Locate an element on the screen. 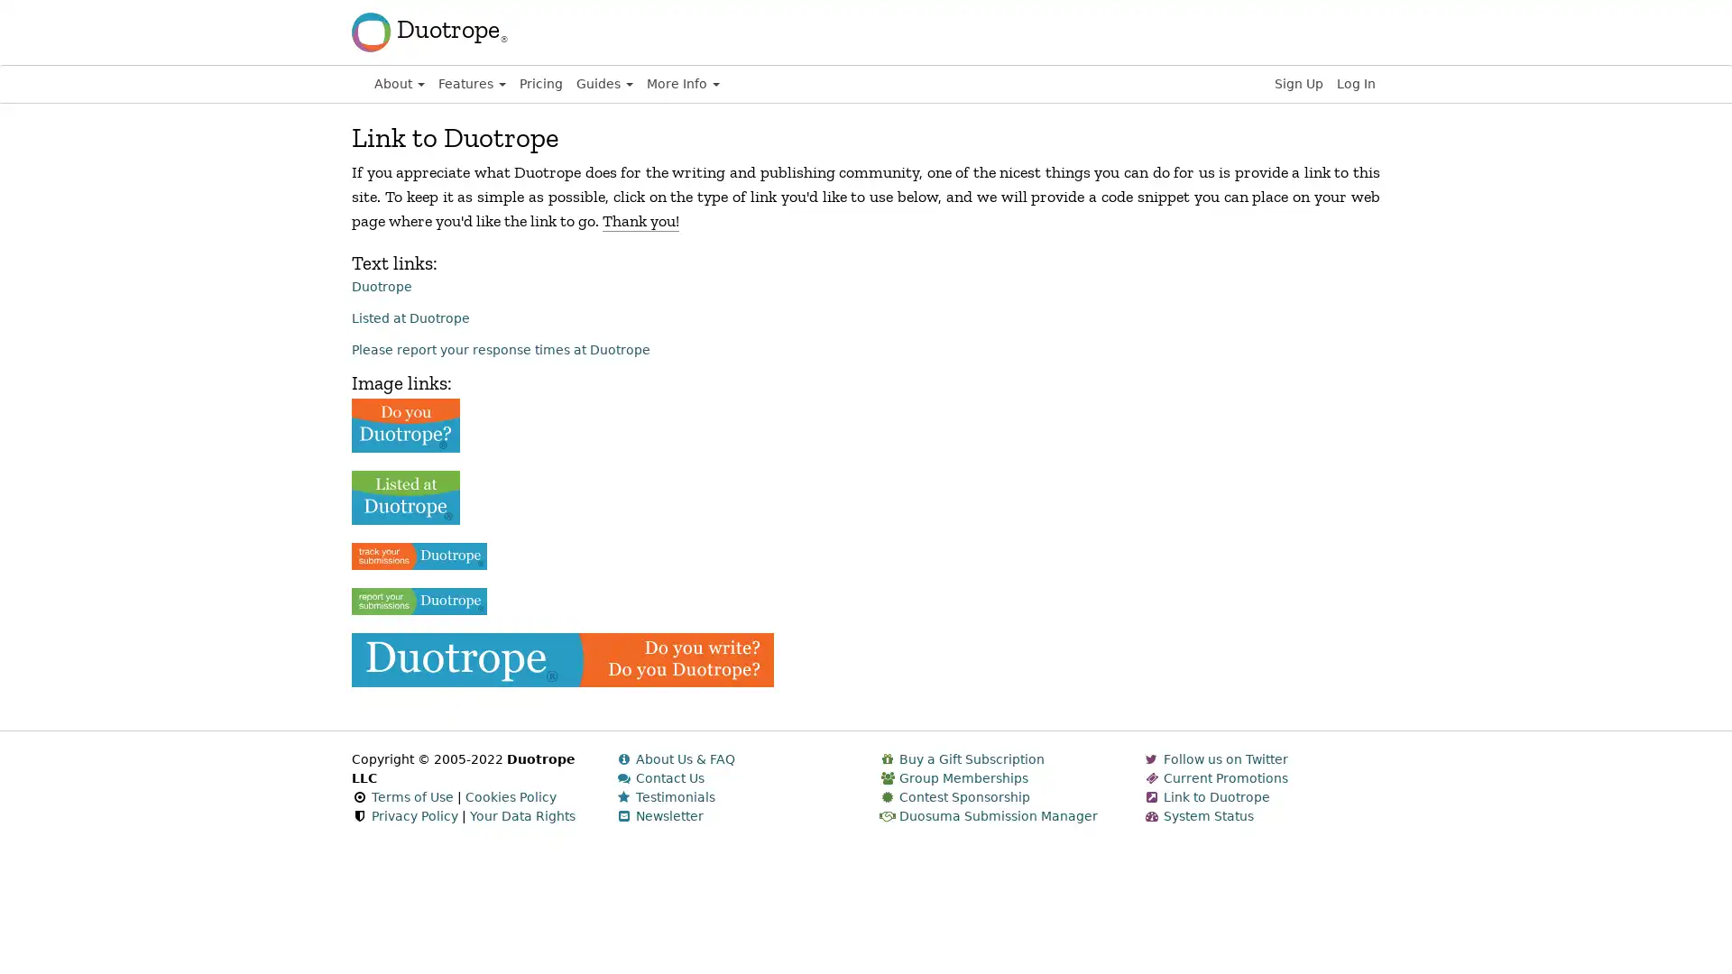 This screenshot has width=1732, height=974. Submit is located at coordinates (419, 601).